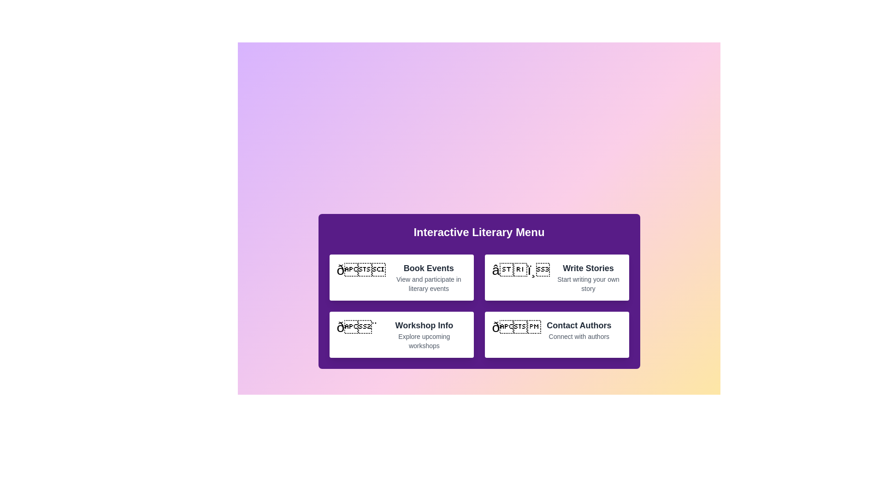  I want to click on the menu item corresponding to Write Stories, so click(556, 277).